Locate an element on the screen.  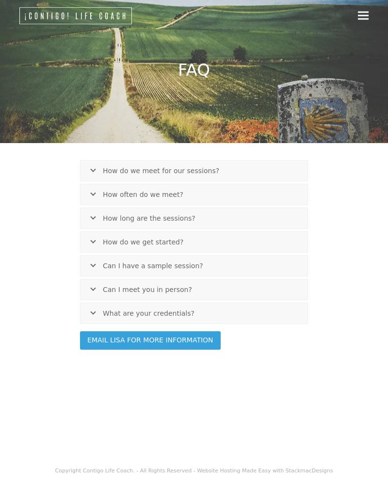
'How do we get started?' is located at coordinates (103, 241).